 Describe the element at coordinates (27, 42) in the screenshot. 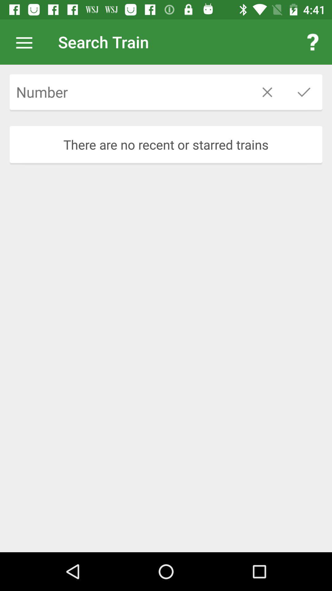

I see `item to the left of the search train icon` at that location.